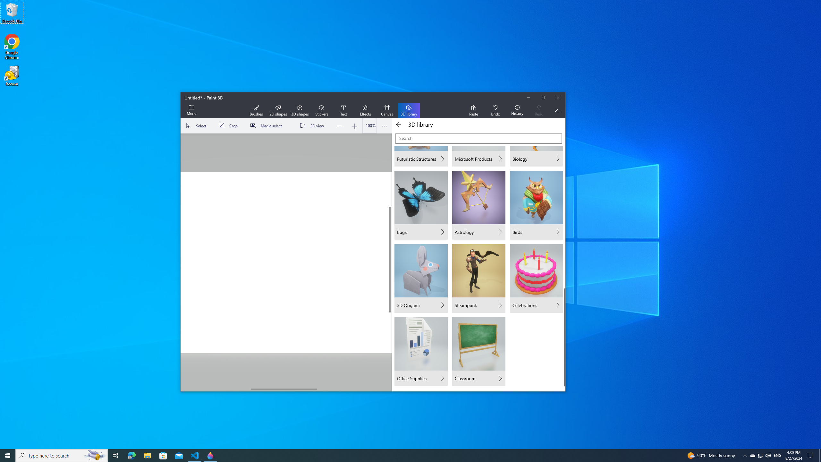 The height and width of the screenshot is (462, 821). I want to click on 'Google Chrome', so click(12, 47).